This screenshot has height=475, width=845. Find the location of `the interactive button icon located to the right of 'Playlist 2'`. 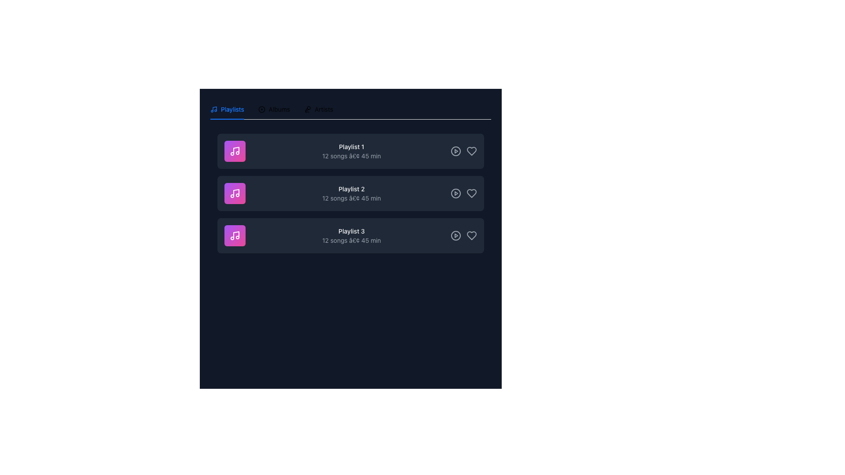

the interactive button icon located to the right of 'Playlist 2' is located at coordinates (456, 193).